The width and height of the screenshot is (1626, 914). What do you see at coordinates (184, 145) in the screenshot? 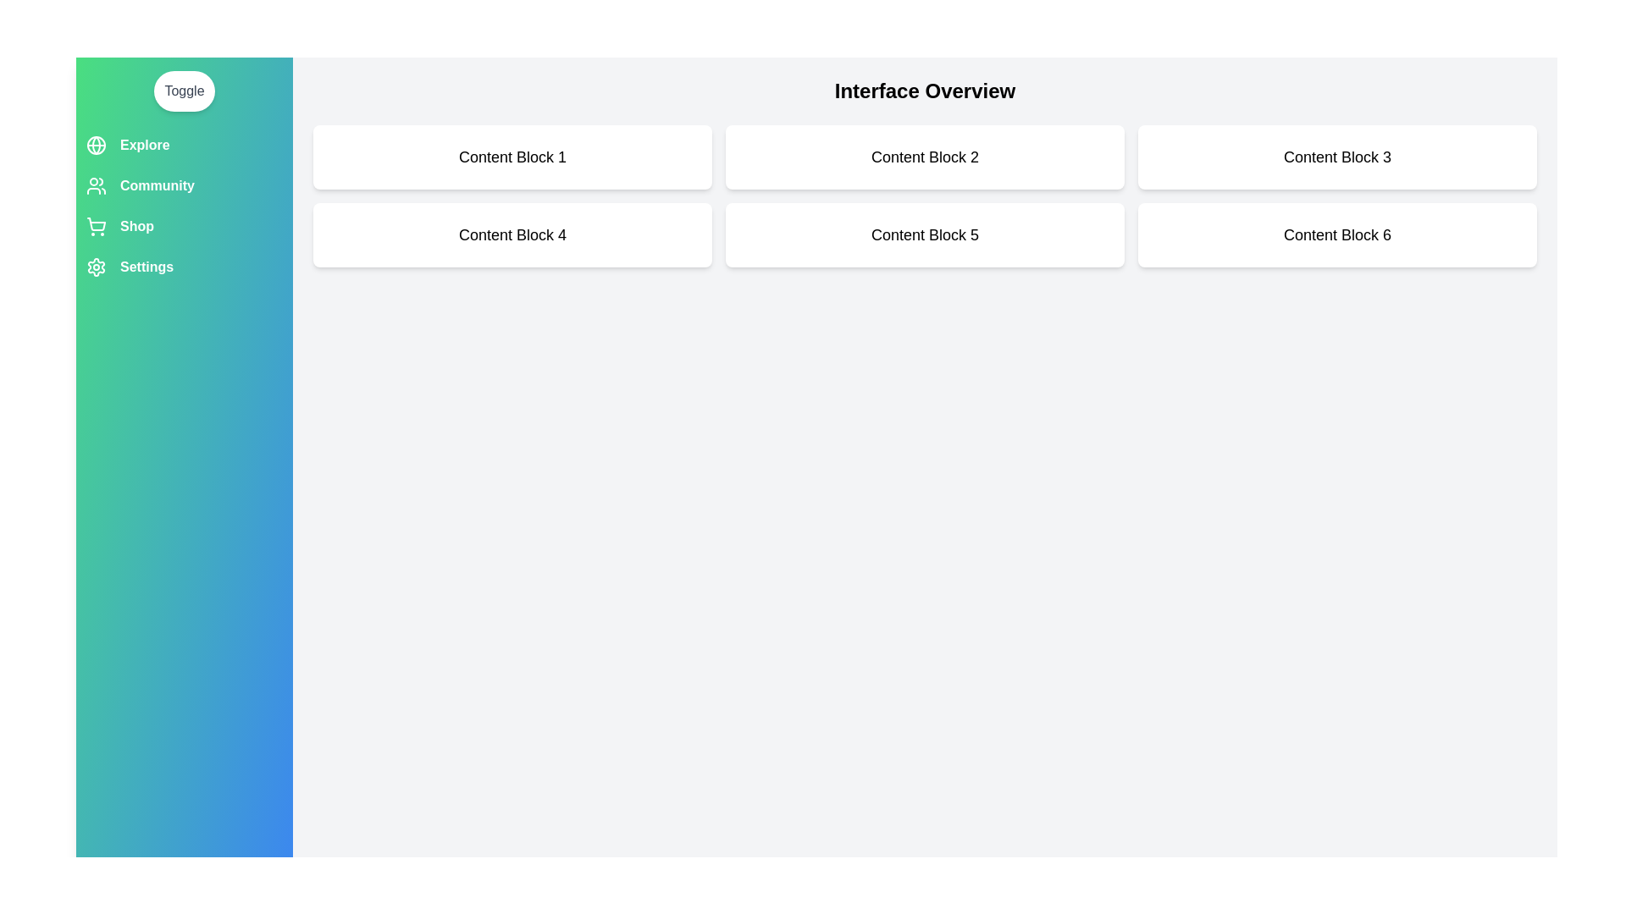
I see `the menu option labeled Explore` at bounding box center [184, 145].